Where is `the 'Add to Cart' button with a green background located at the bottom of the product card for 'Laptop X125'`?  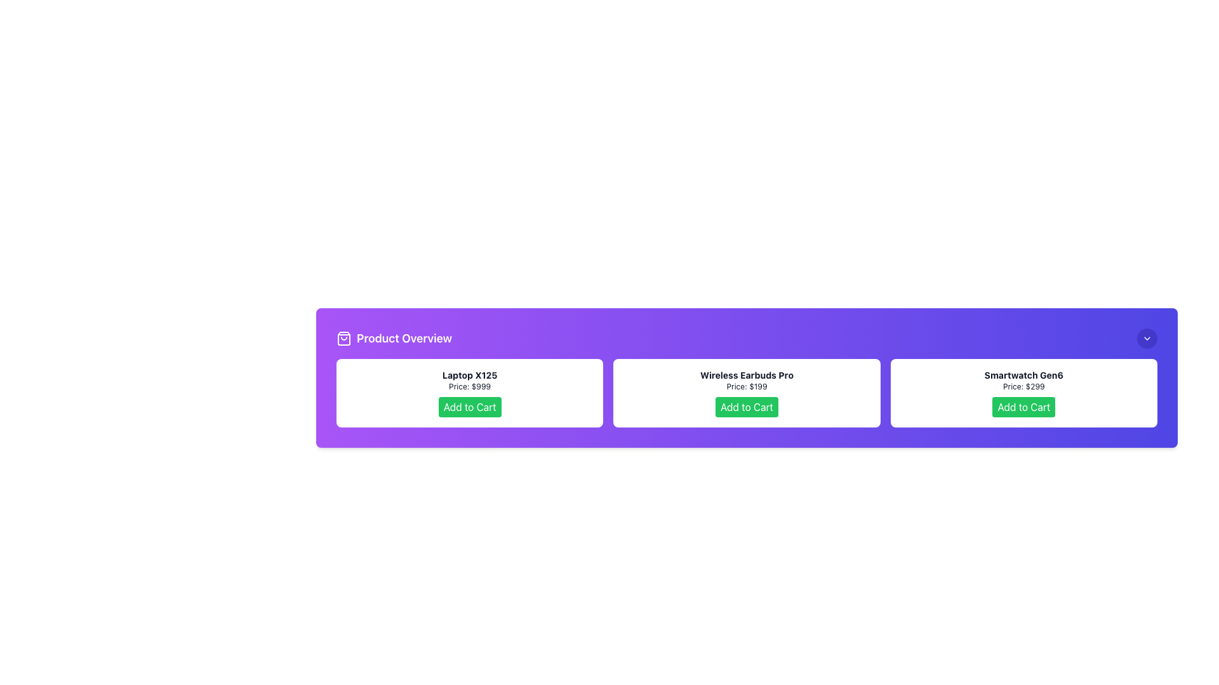
the 'Add to Cart' button with a green background located at the bottom of the product card for 'Laptop X125' is located at coordinates (469, 407).